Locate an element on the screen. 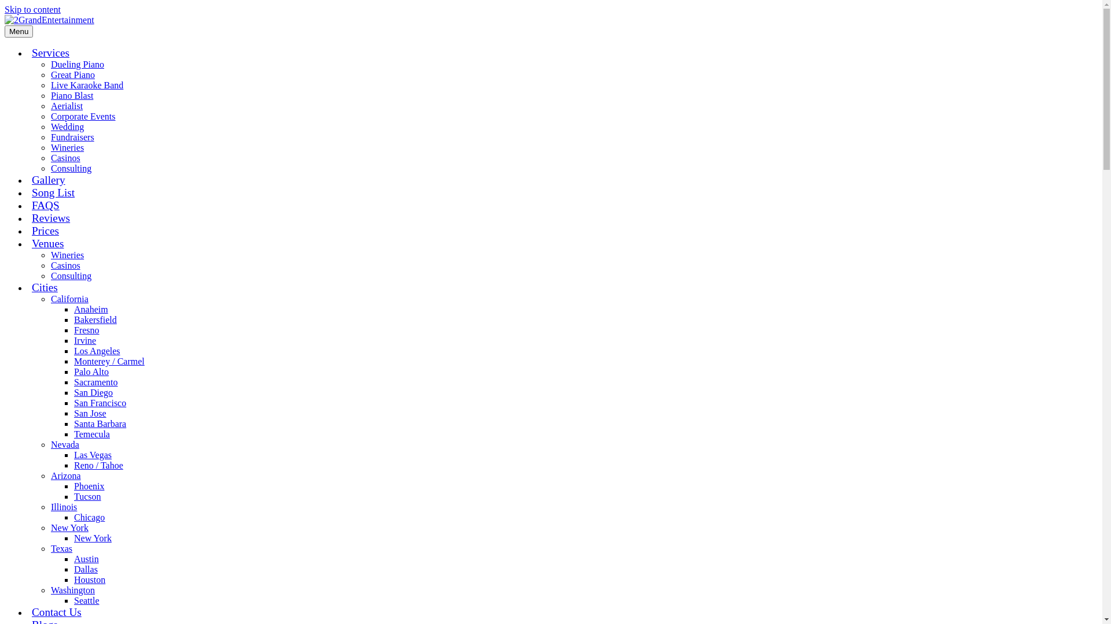 The width and height of the screenshot is (1111, 624). 'Menu' is located at coordinates (19, 31).